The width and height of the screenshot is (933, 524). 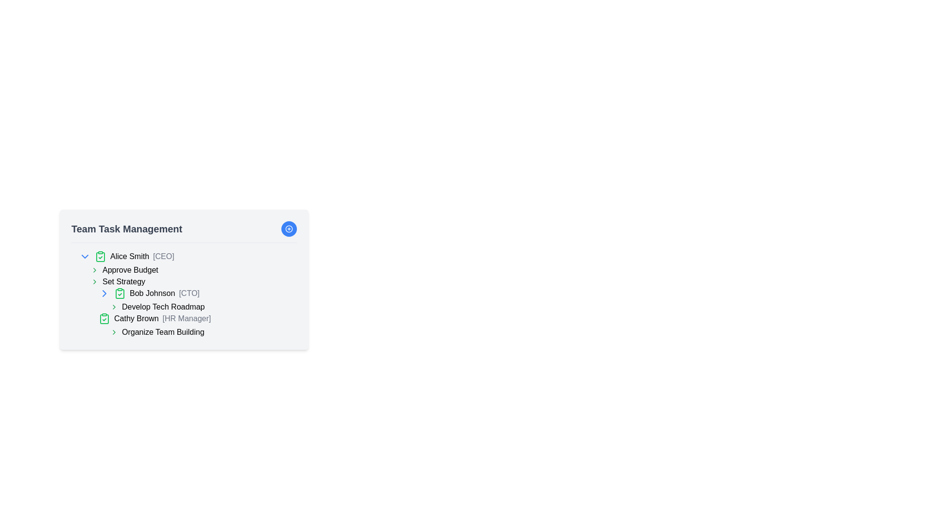 What do you see at coordinates (188, 276) in the screenshot?
I see `the 'Set Strategy' item in the collapsible list under 'Alice Smith [CEO]'` at bounding box center [188, 276].